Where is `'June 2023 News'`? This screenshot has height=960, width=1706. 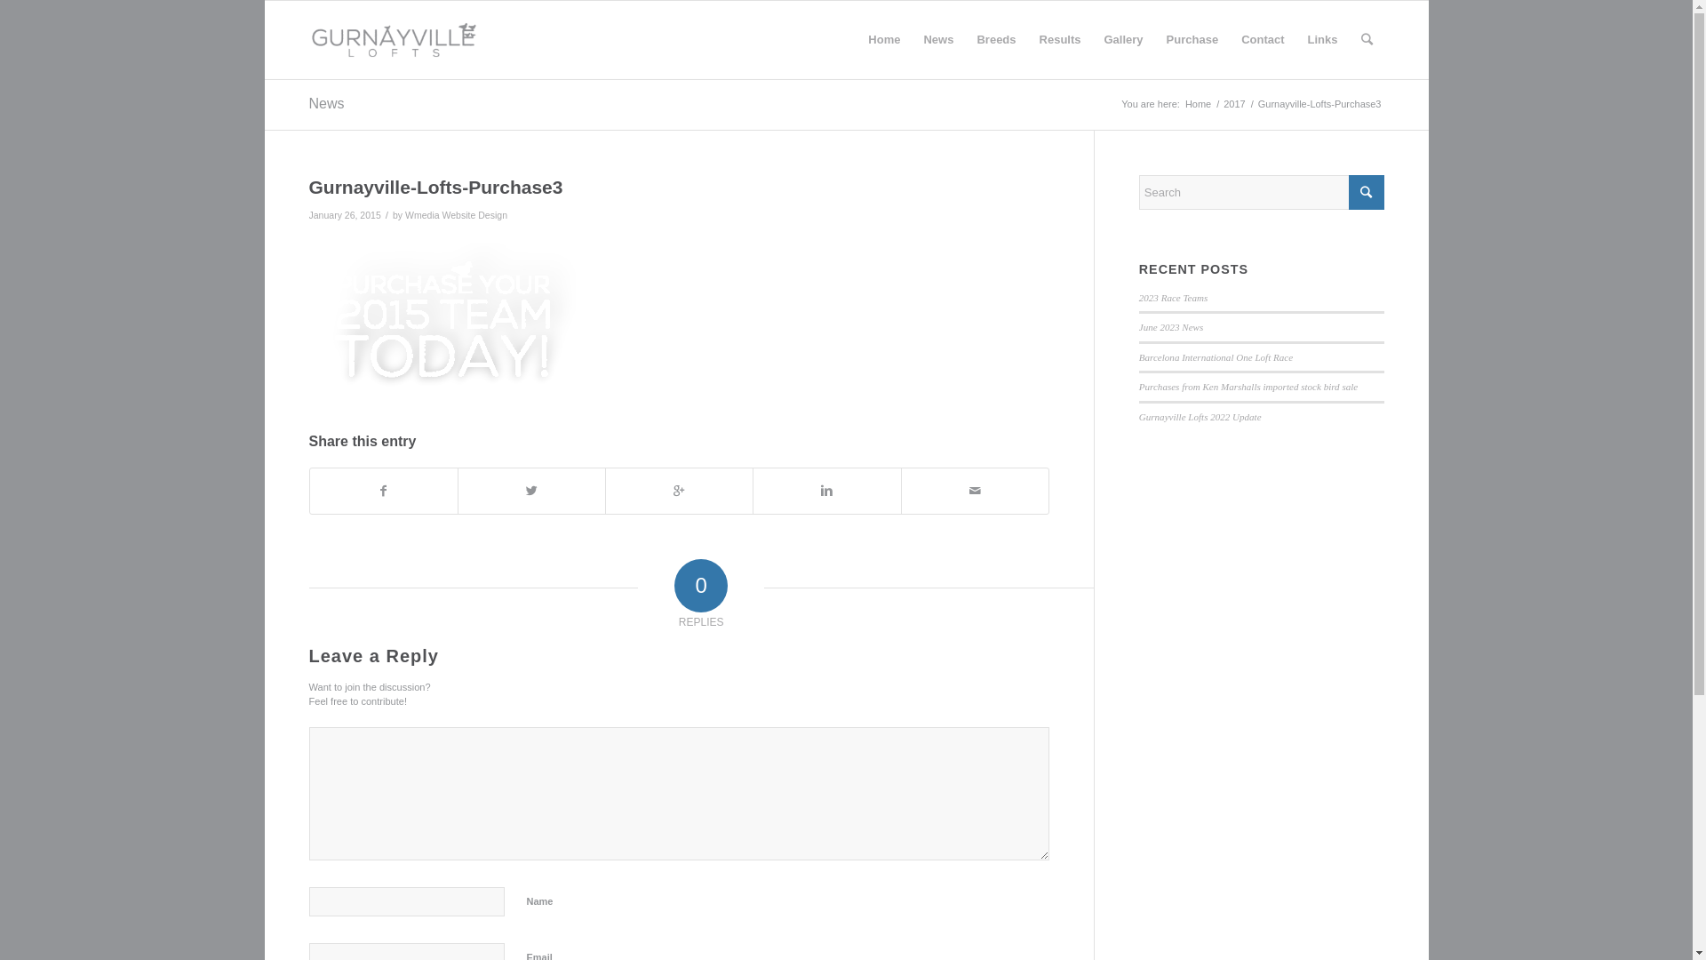 'June 2023 News' is located at coordinates (1171, 326).